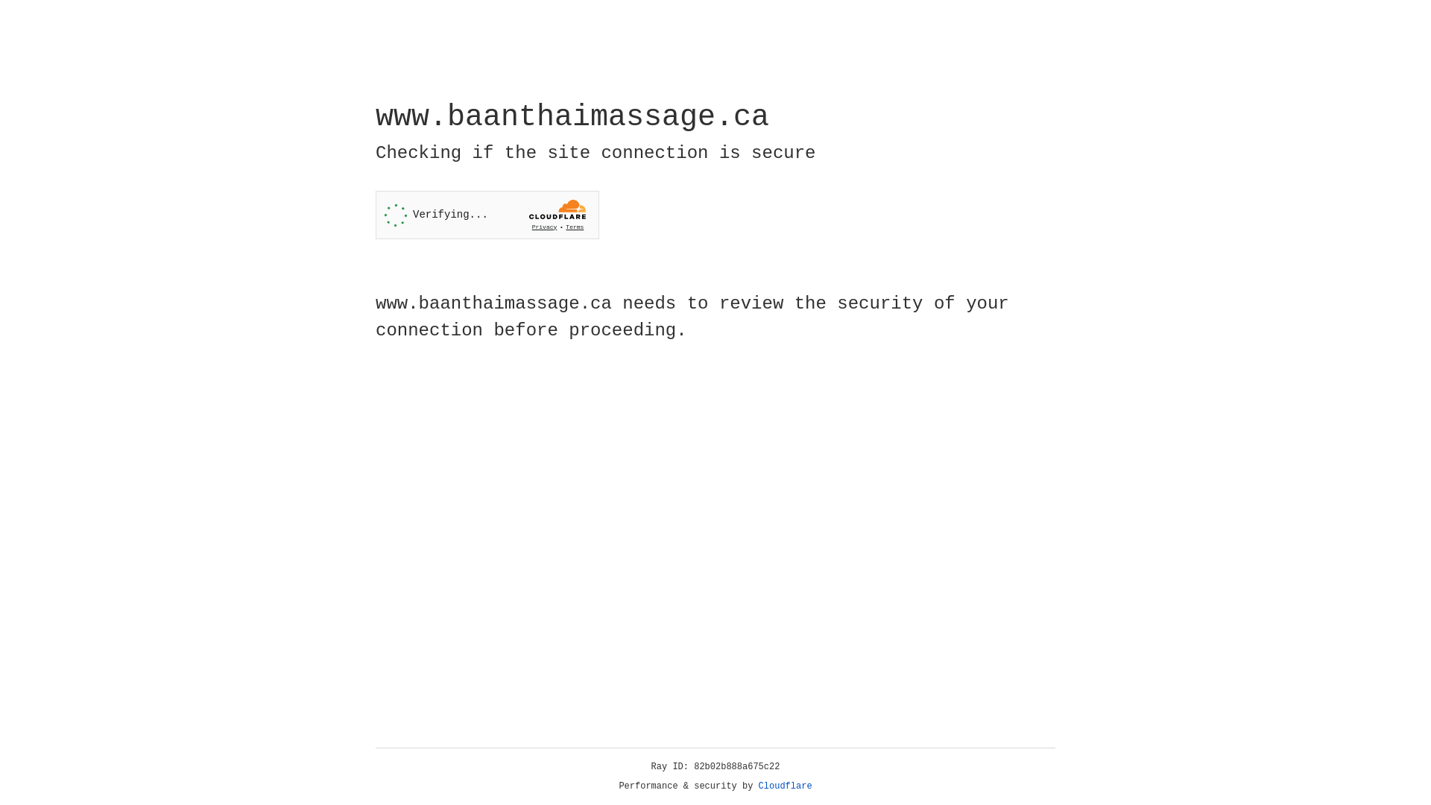 This screenshot has height=805, width=1431. What do you see at coordinates (785, 786) in the screenshot?
I see `'Cloudflare'` at bounding box center [785, 786].